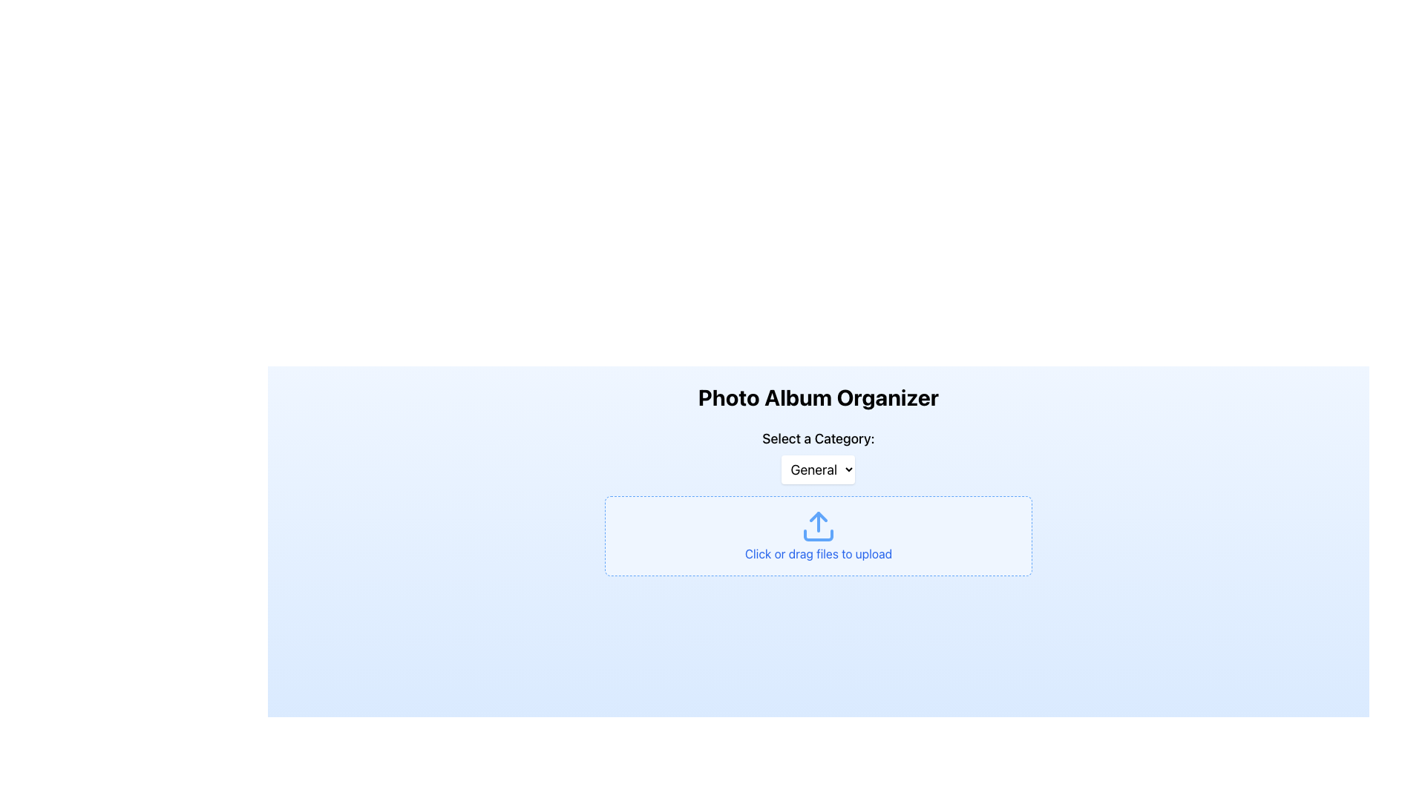 The height and width of the screenshot is (801, 1425). I want to click on the upload icon, which features a blue upward arrow on a rectangular background, located centrally in the upload area, so click(818, 525).